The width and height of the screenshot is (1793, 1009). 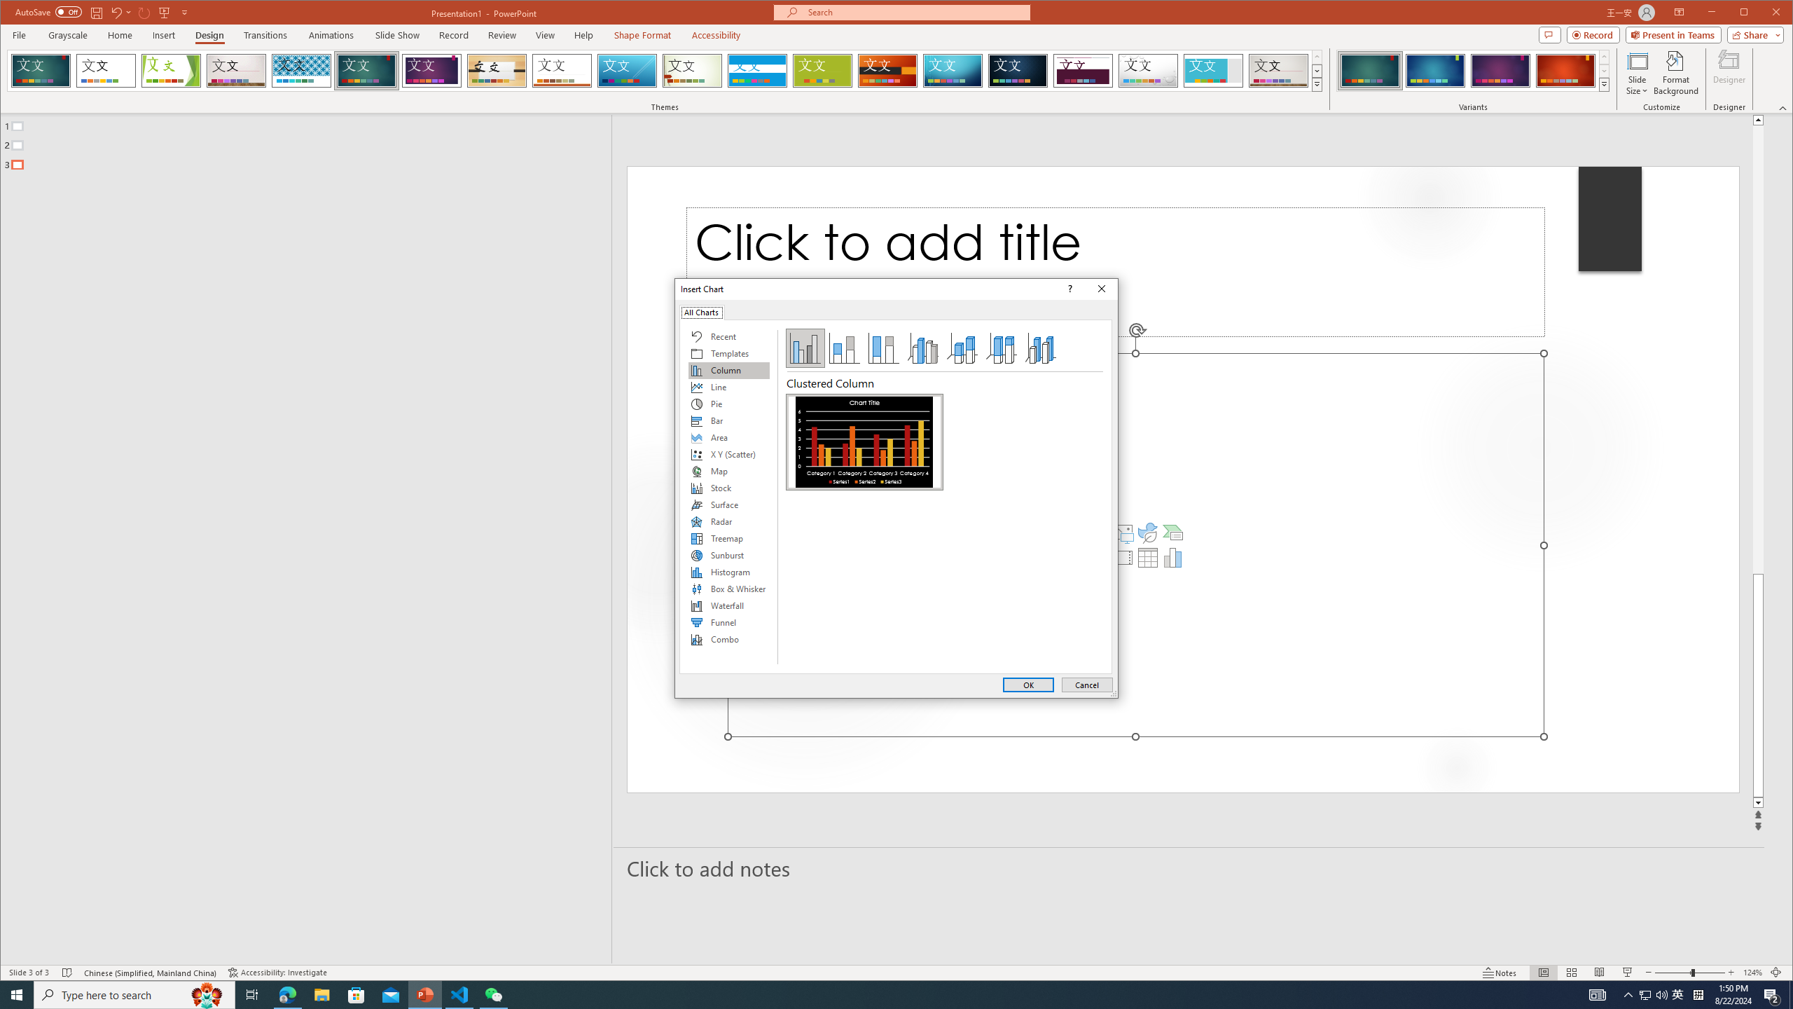 I want to click on 'Column', so click(x=728, y=370).